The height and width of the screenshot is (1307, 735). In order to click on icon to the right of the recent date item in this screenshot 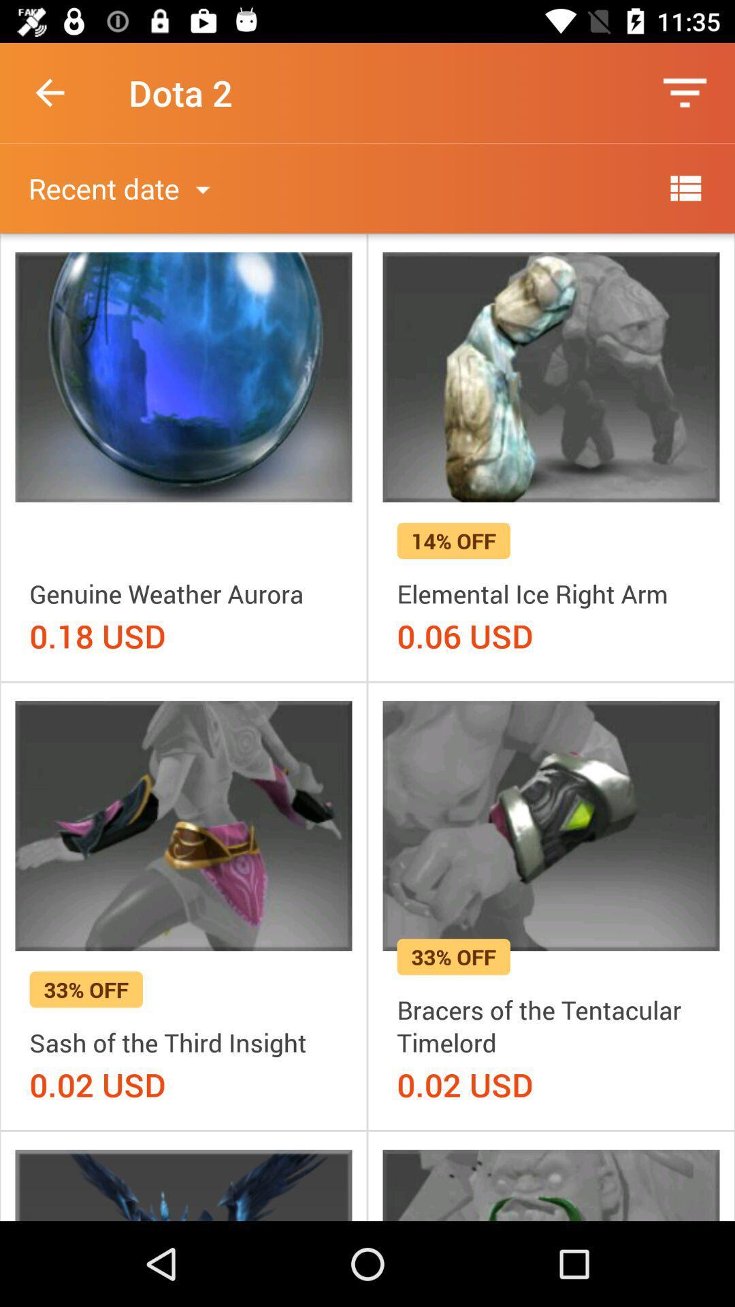, I will do `click(685, 187)`.